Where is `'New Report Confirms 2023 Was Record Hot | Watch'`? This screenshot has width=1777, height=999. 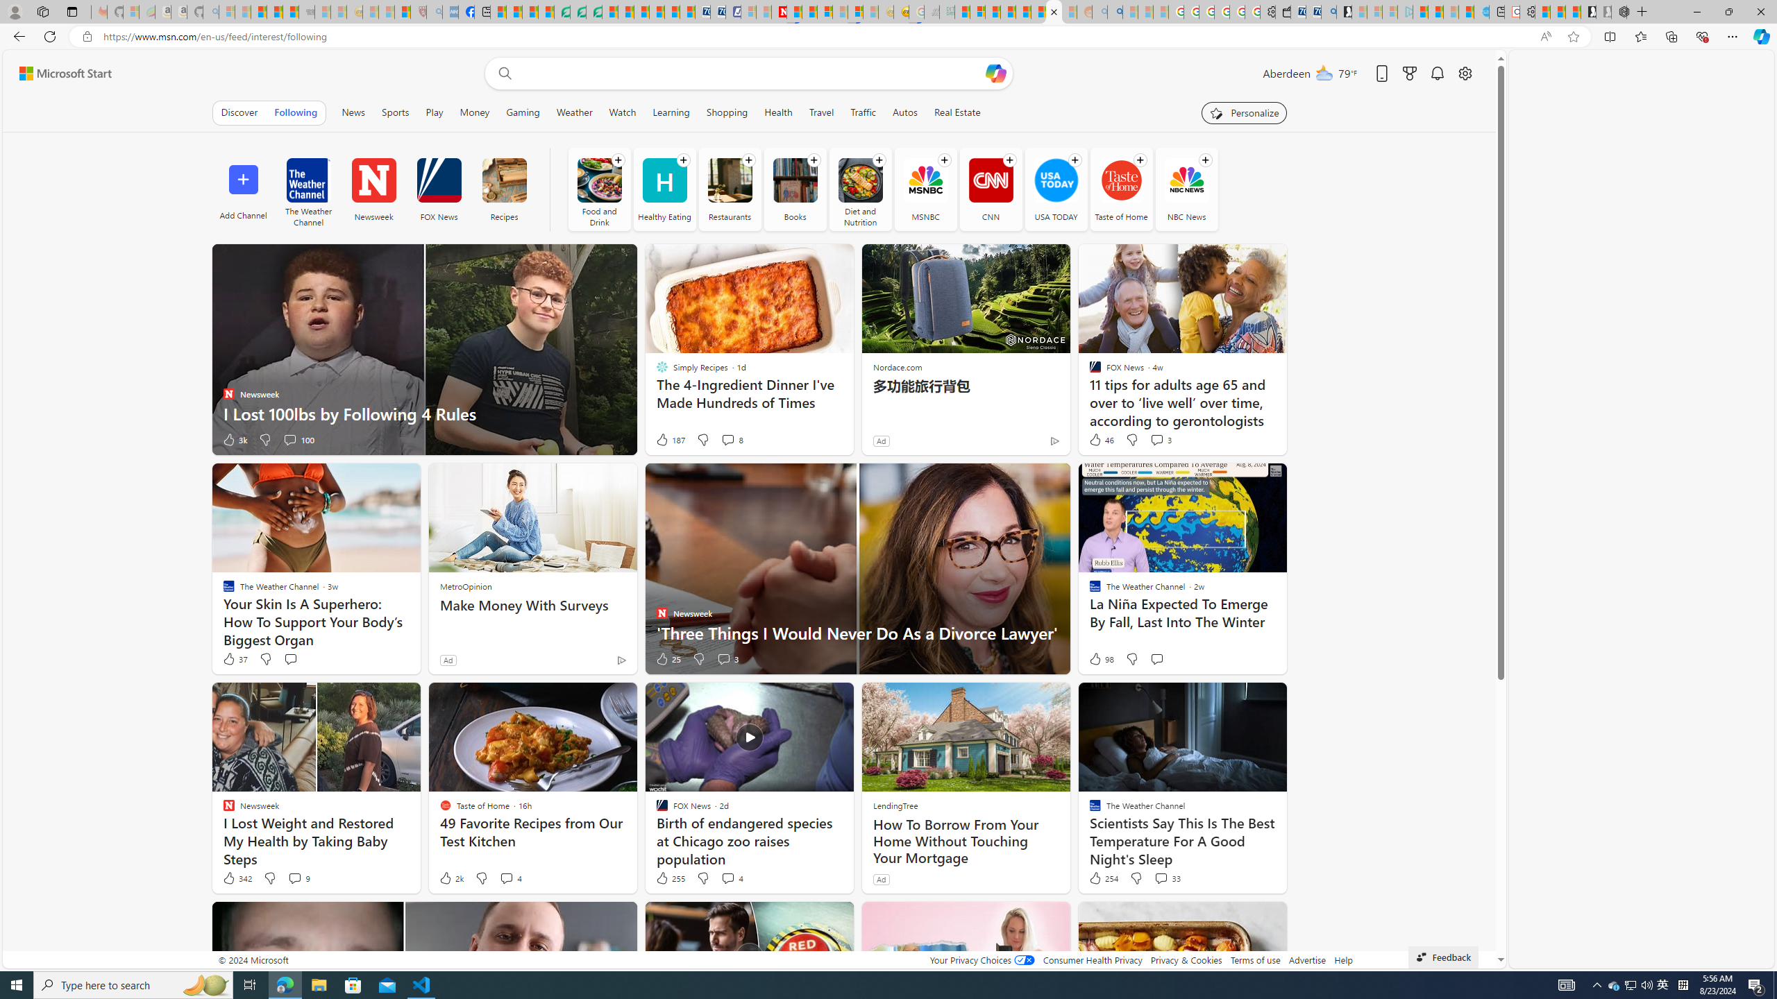 'New Report Confirms 2023 Was Record Hot | Watch' is located at coordinates (289, 11).